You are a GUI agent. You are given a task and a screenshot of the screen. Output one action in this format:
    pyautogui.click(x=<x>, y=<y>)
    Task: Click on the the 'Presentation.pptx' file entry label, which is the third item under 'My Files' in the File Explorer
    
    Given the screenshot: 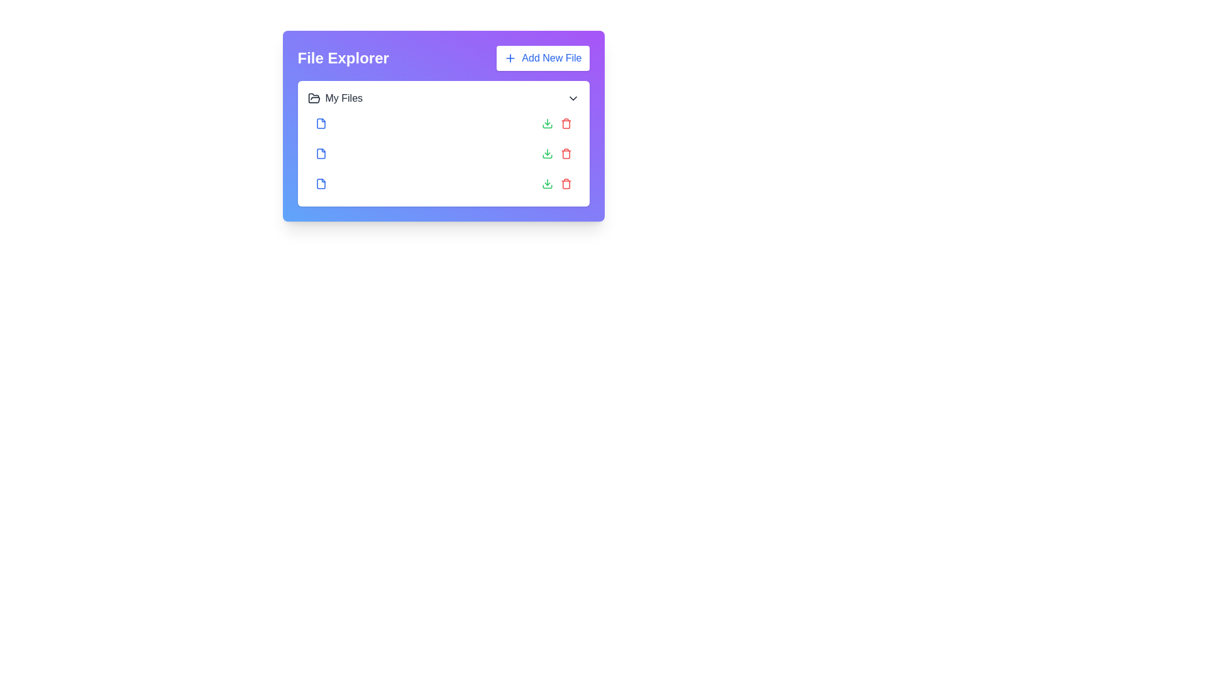 What is the action you would take?
    pyautogui.click(x=361, y=184)
    